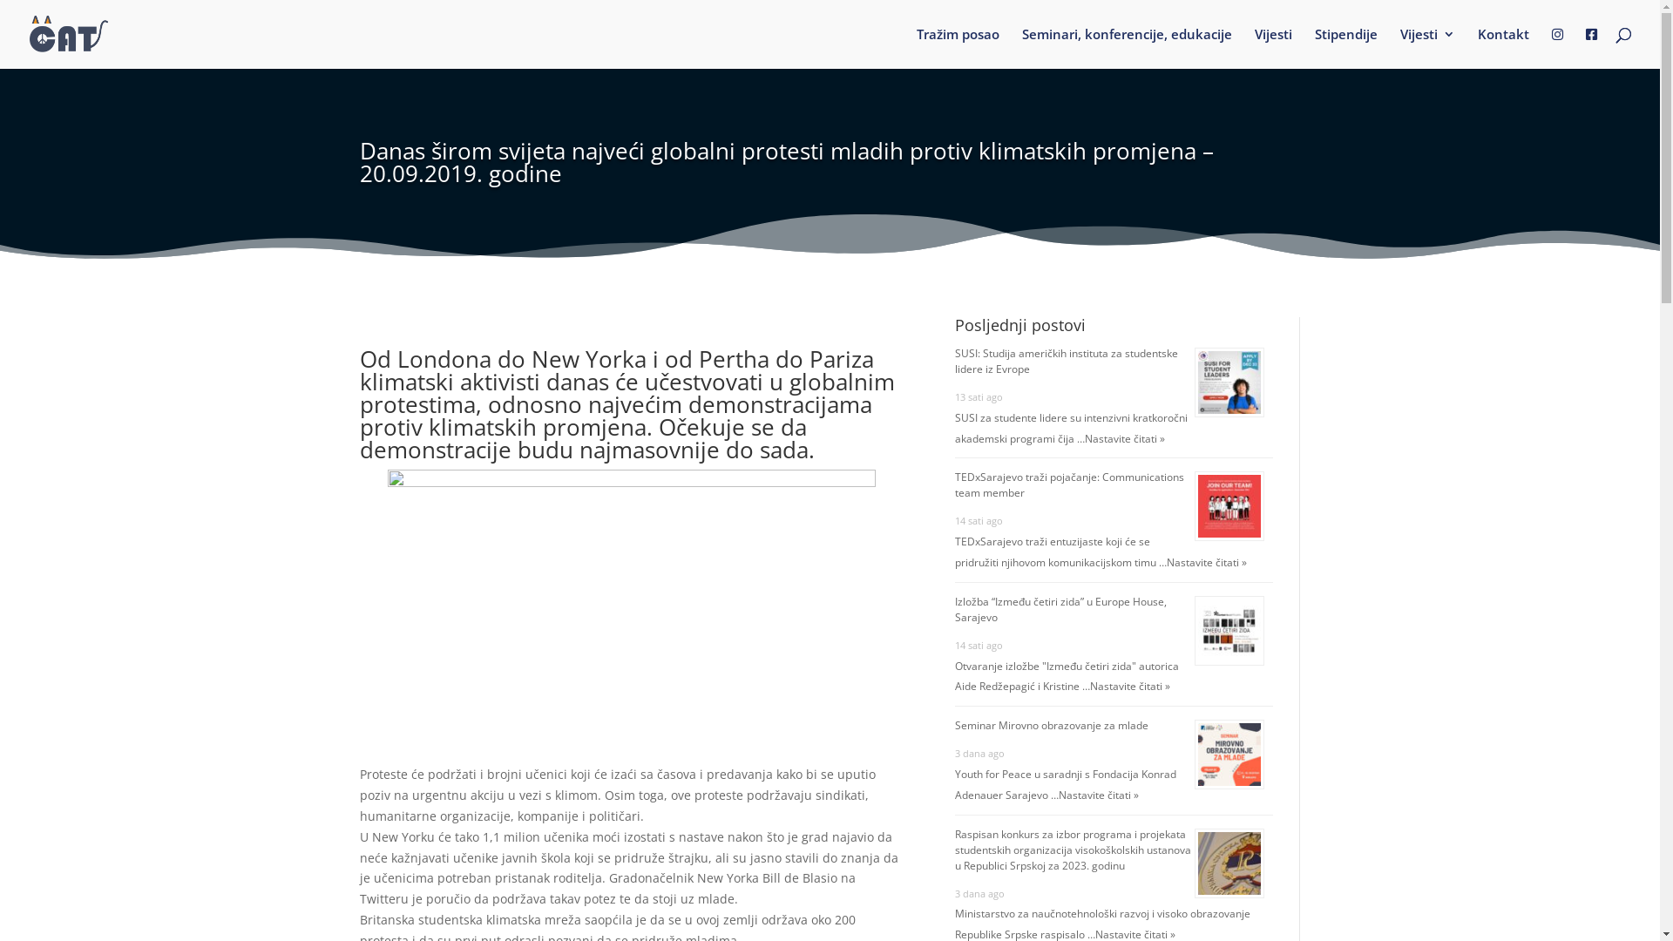 Image resolution: width=1673 pixels, height=941 pixels. I want to click on 'Kontakt', so click(1476, 46).